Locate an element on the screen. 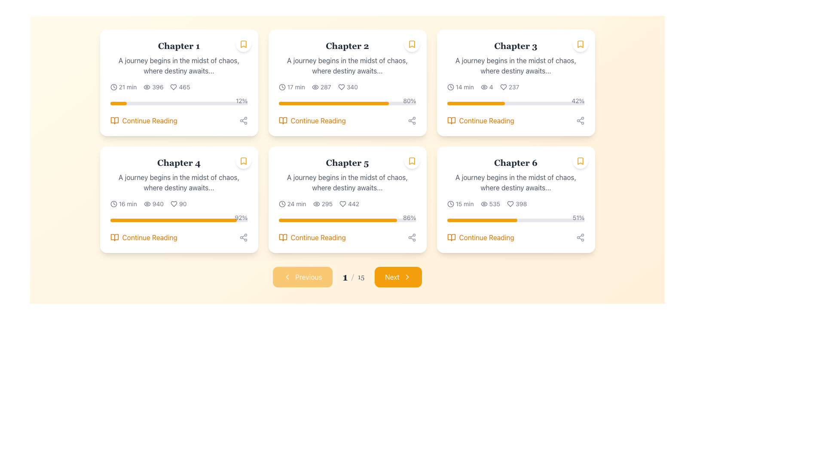 This screenshot has height=464, width=825. the percentage value displayed as '12%' in a small gray font, positioned slightly above the end of the progress bar within Chapter 1 card is located at coordinates (241, 101).